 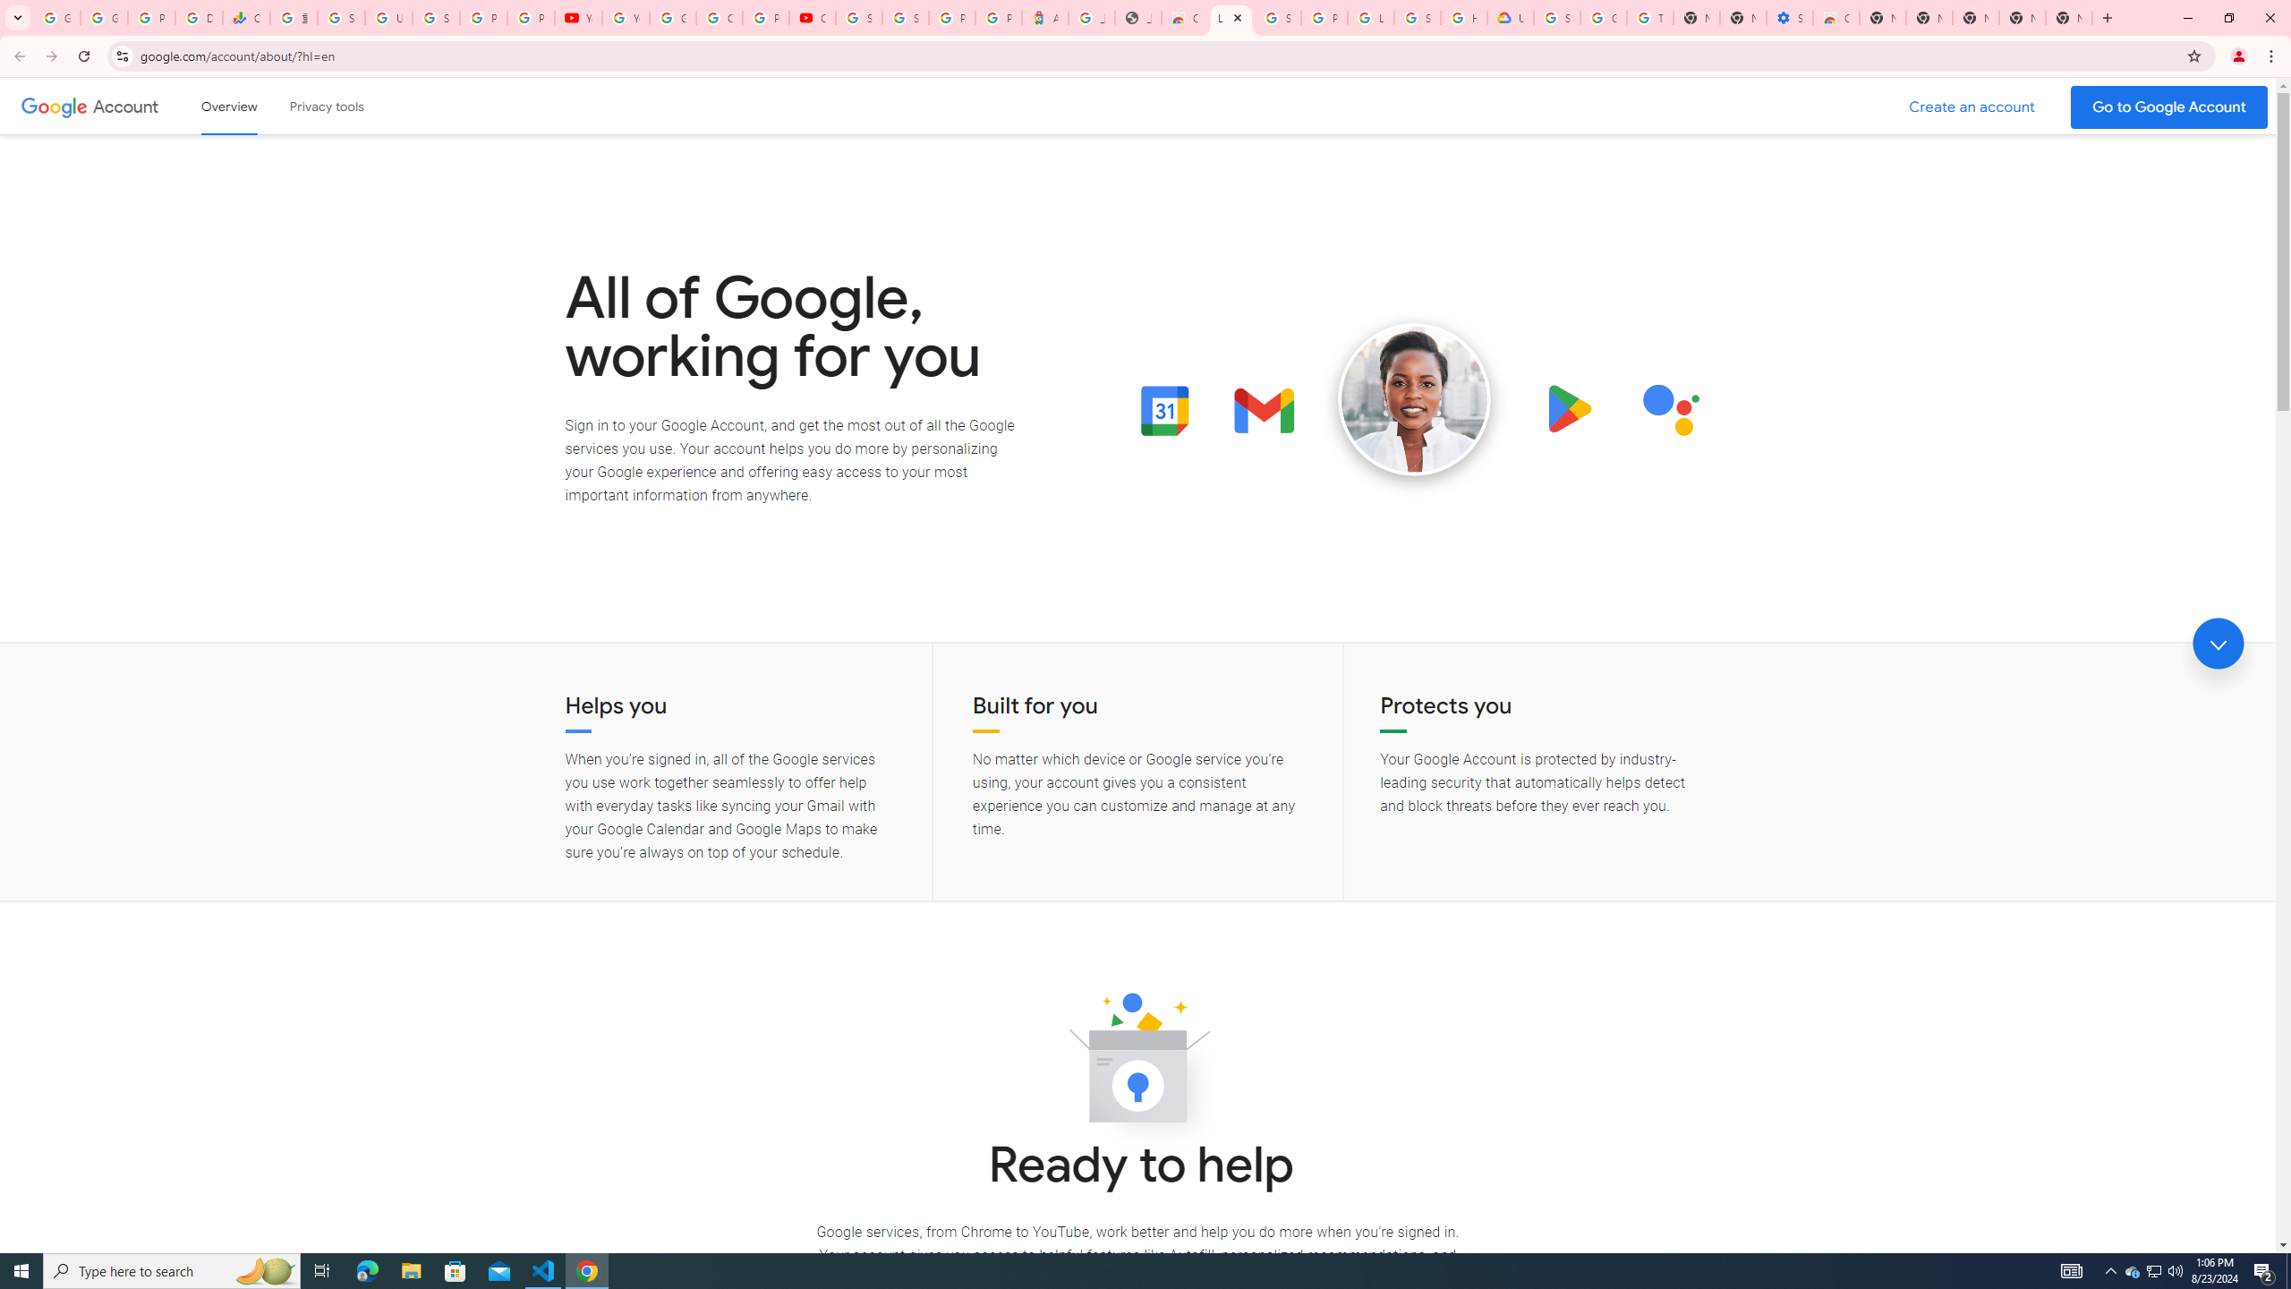 What do you see at coordinates (1835, 17) in the screenshot?
I see `'Chrome Web Store - Accessibility extensions'` at bounding box center [1835, 17].